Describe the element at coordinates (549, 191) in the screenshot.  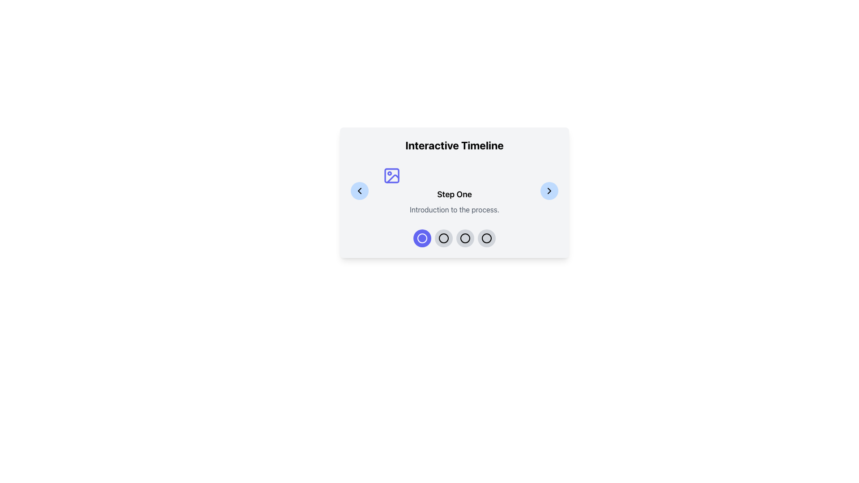
I see `the arrow icon within the circular button located to the right of the 'Interactive Timeline' card` at that location.